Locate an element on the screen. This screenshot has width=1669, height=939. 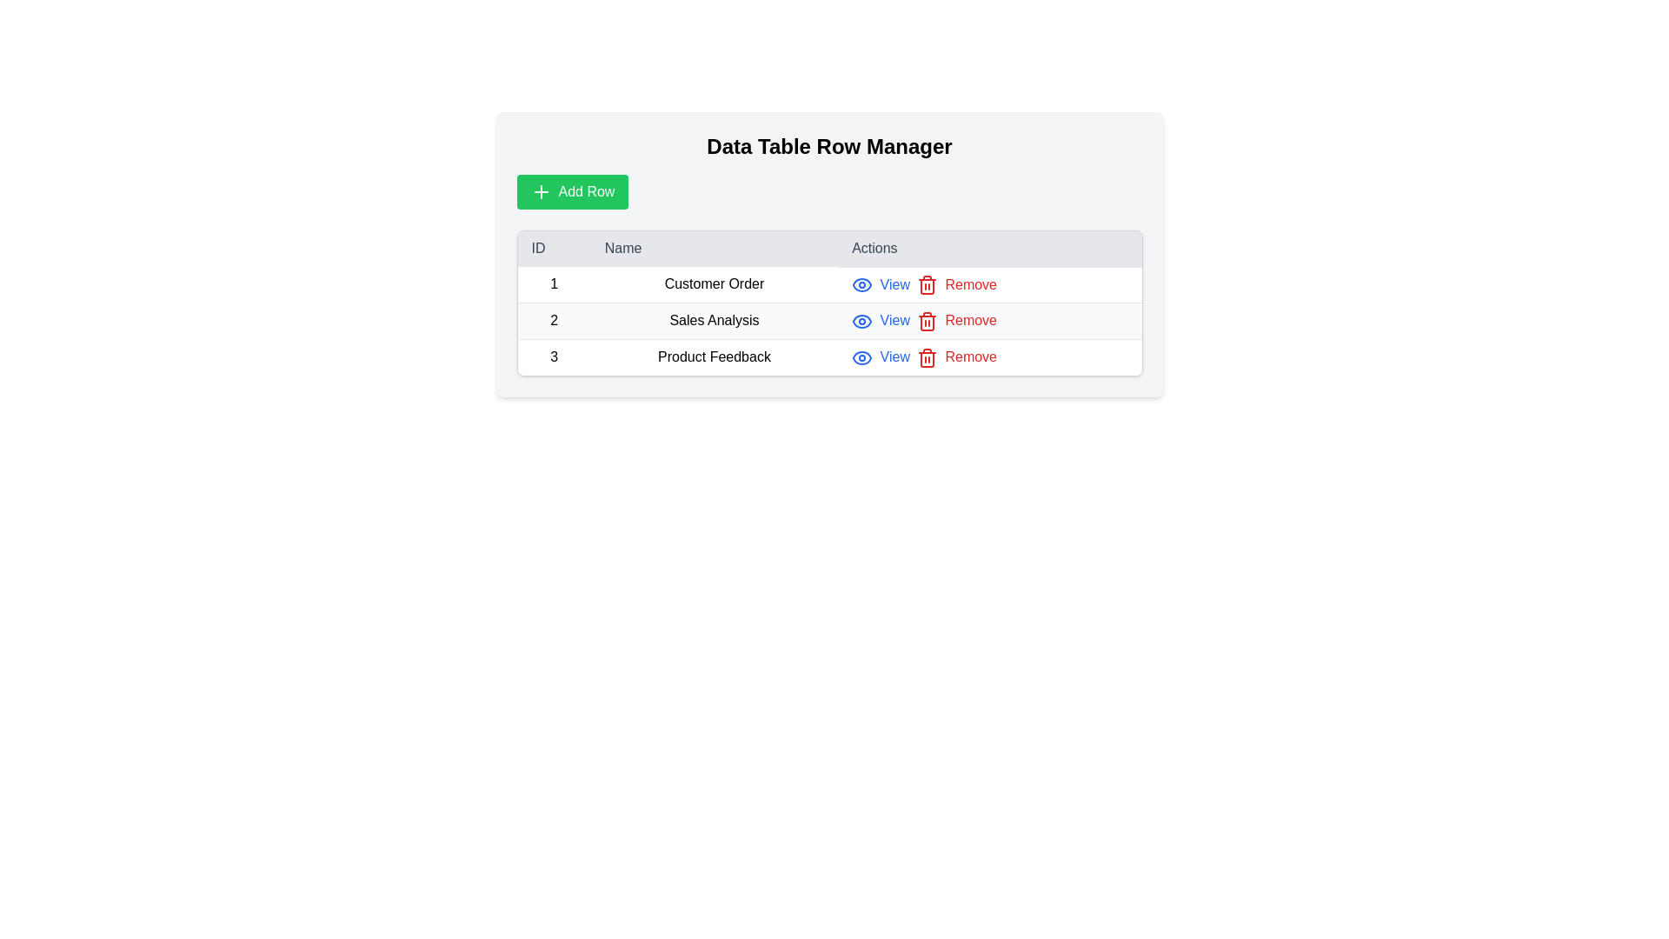
the 'Remove' link located in the rightmost cell of the 'Product Feedback' row in the table is located at coordinates (989, 356).